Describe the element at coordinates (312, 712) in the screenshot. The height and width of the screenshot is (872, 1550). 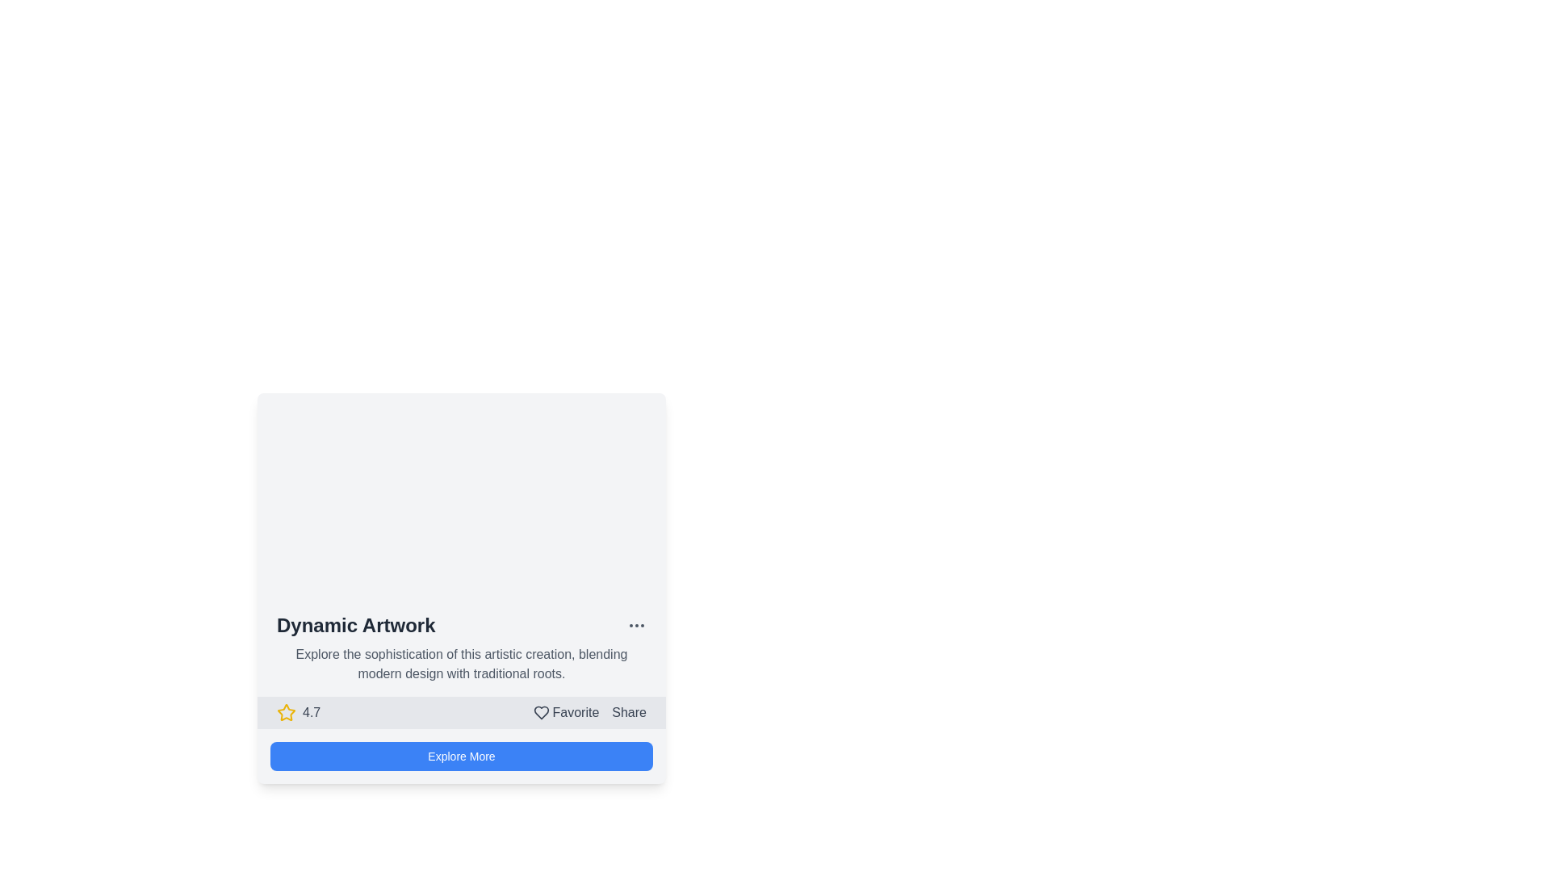
I see `the text label displaying the rating value '4.7'` at that location.